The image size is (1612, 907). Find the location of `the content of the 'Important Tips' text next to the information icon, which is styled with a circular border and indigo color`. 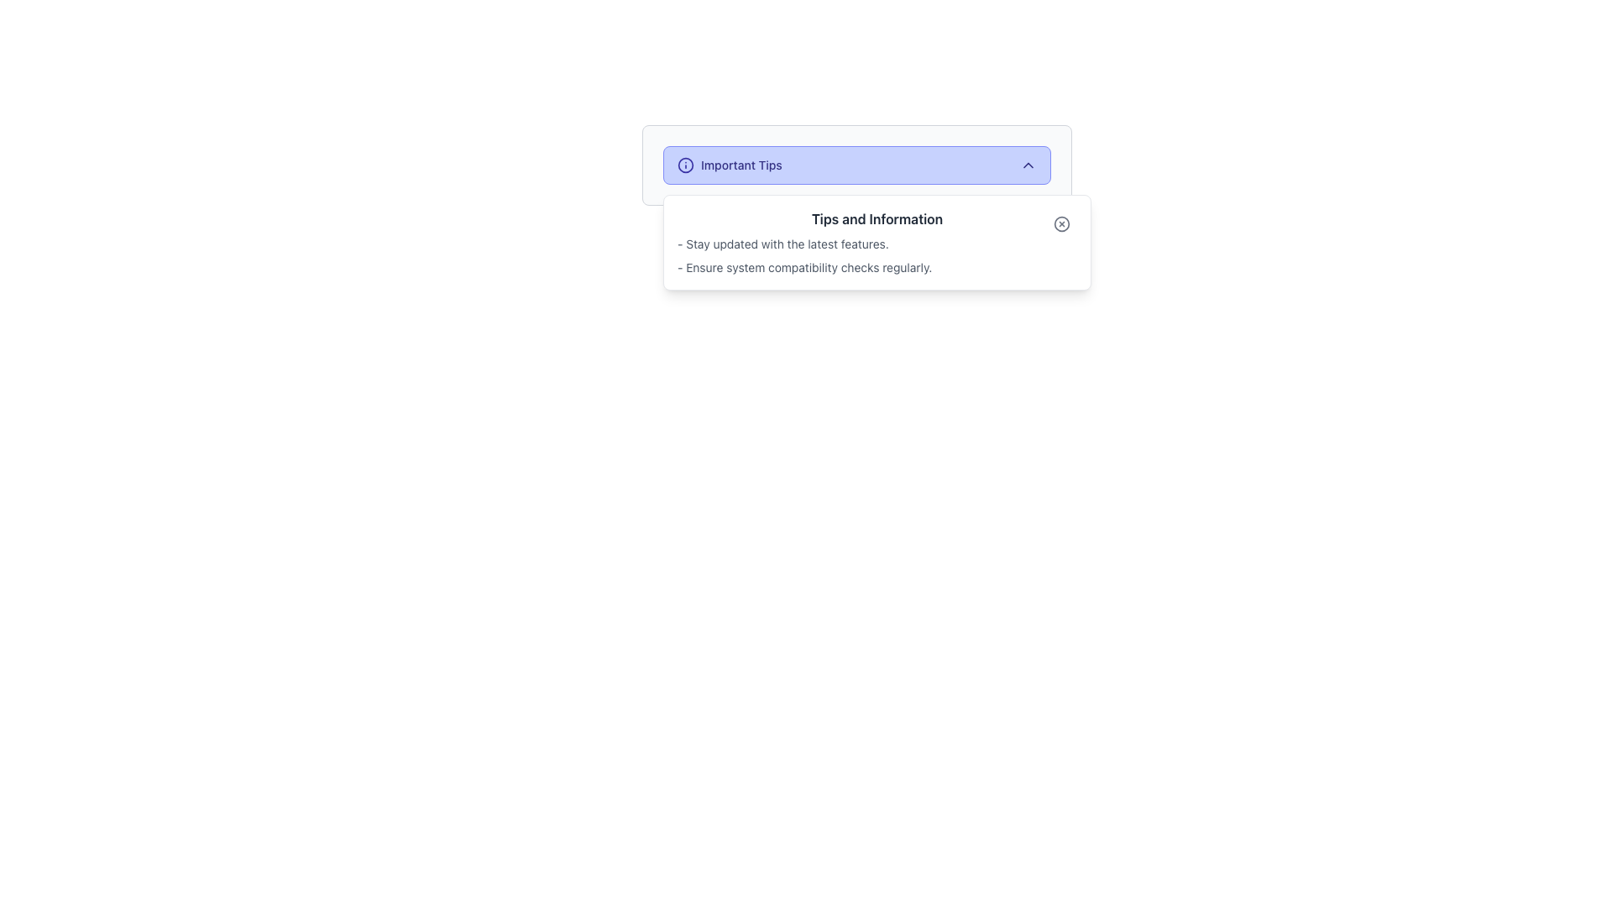

the content of the 'Important Tips' text next to the information icon, which is styled with a circular border and indigo color is located at coordinates (730, 165).